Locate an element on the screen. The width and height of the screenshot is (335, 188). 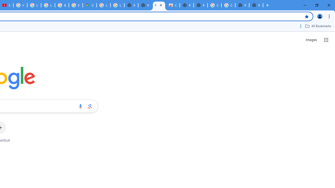
'Search by voice' is located at coordinates (80, 106).